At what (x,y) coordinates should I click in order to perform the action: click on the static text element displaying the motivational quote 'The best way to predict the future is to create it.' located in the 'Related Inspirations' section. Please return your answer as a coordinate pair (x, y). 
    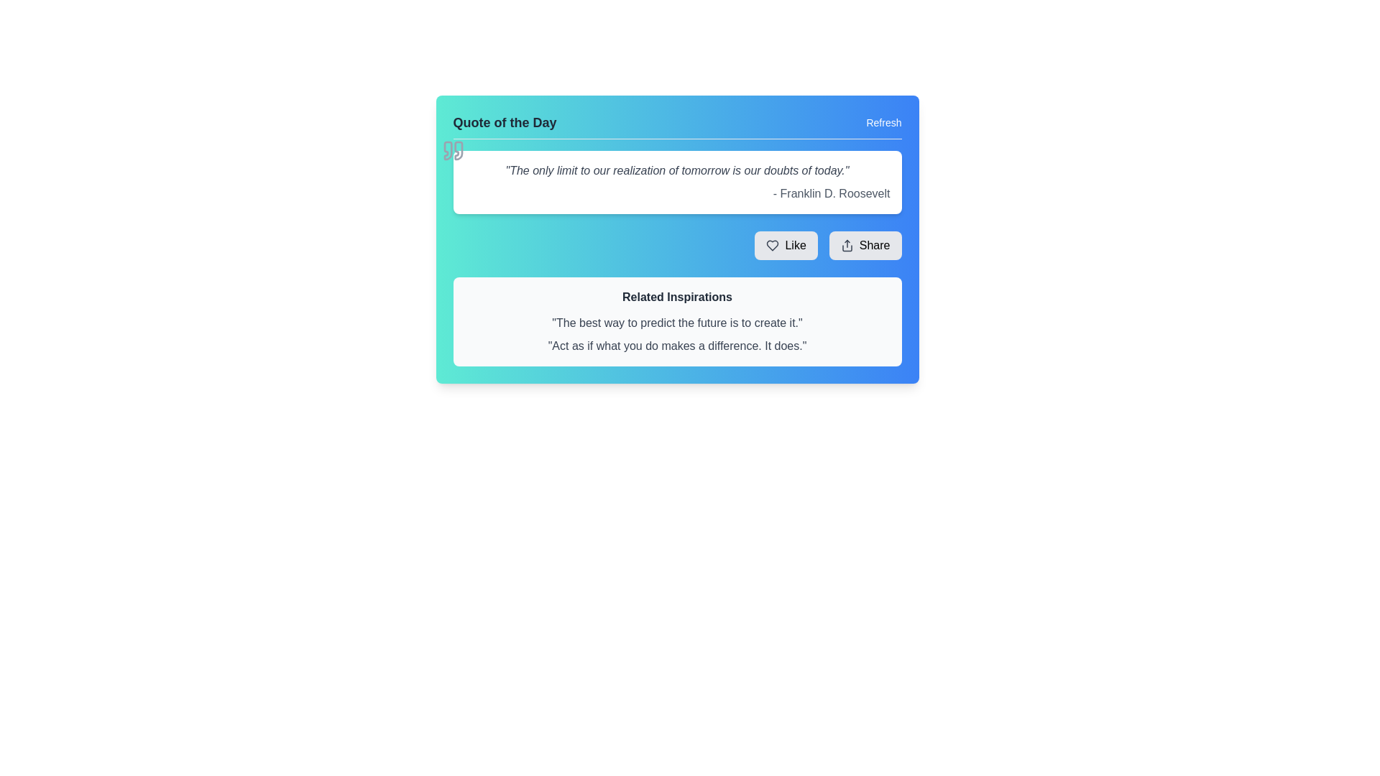
    Looking at the image, I should click on (676, 323).